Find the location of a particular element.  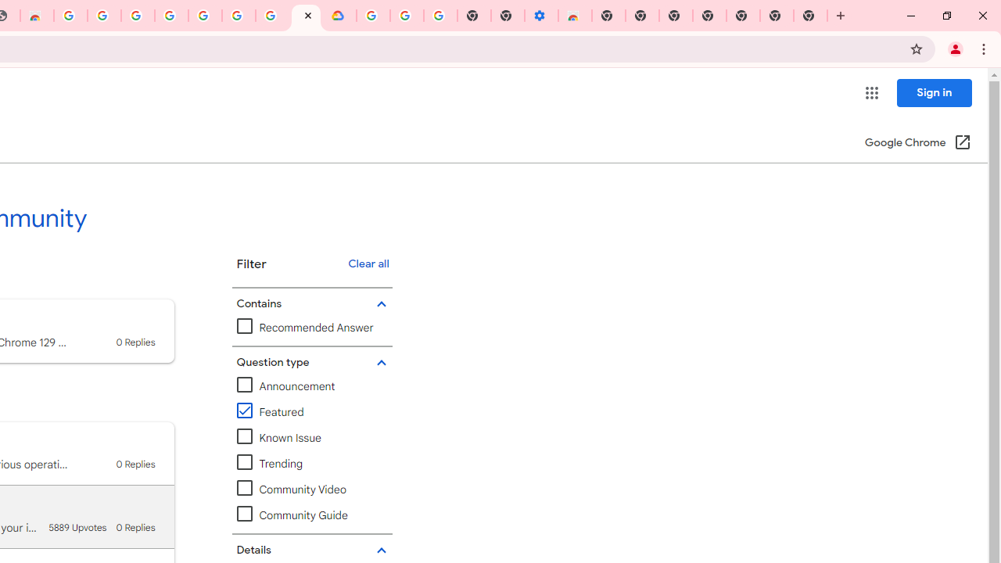

'Trending' is located at coordinates (269, 463).